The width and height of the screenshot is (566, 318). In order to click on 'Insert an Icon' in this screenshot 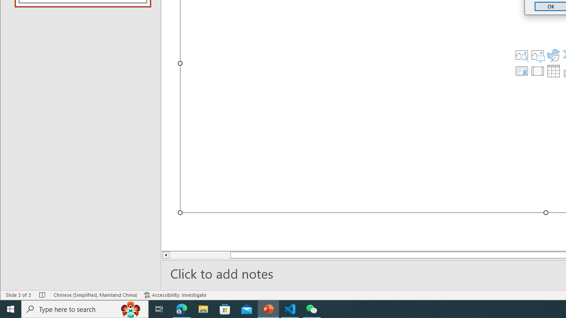, I will do `click(553, 55)`.